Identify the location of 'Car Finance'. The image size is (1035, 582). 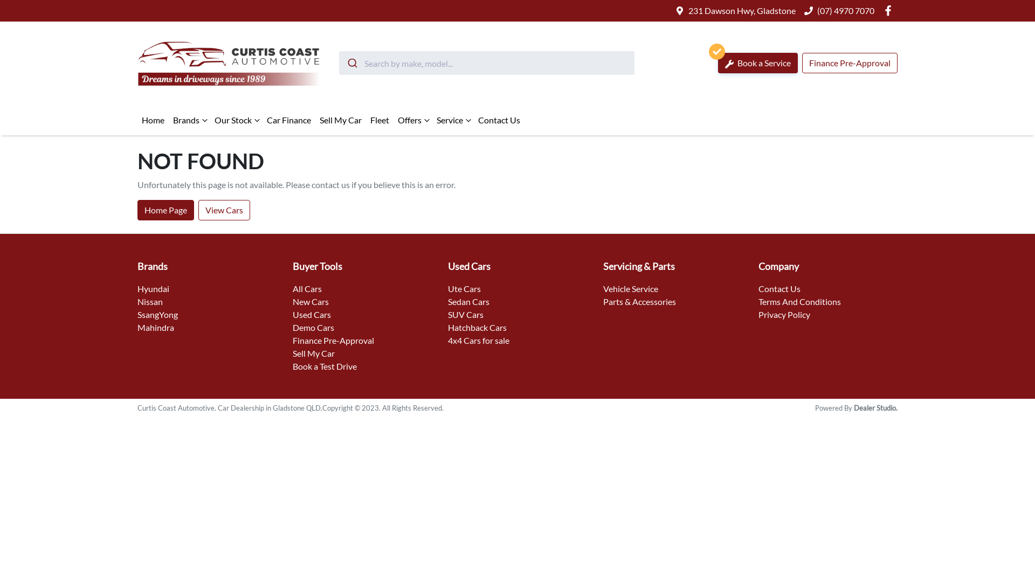
(289, 120).